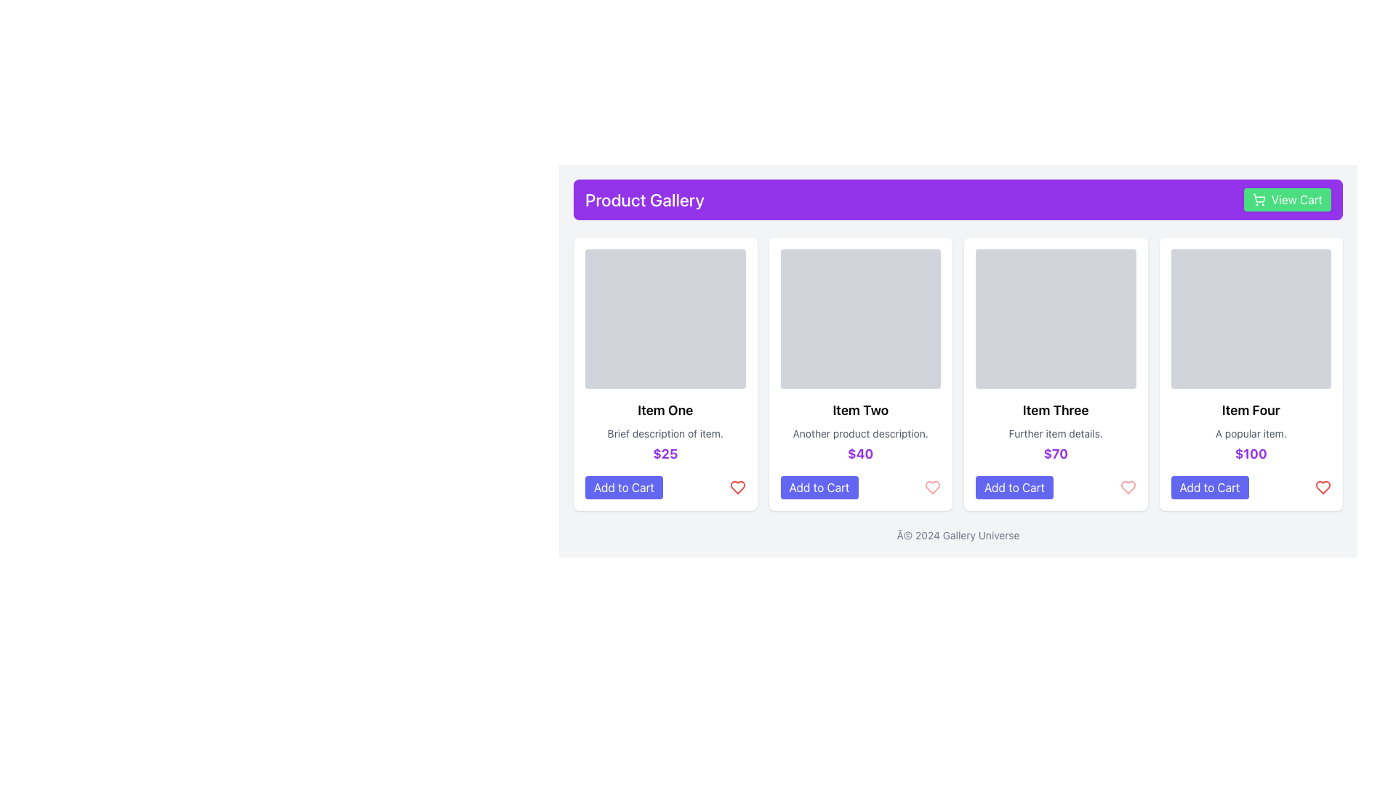 This screenshot has width=1396, height=785. What do you see at coordinates (643, 199) in the screenshot?
I see `the text label located in the top-left corner of the purple header bar, which indicates the purpose of the section and is situated to the left of the 'View Cart' button` at bounding box center [643, 199].